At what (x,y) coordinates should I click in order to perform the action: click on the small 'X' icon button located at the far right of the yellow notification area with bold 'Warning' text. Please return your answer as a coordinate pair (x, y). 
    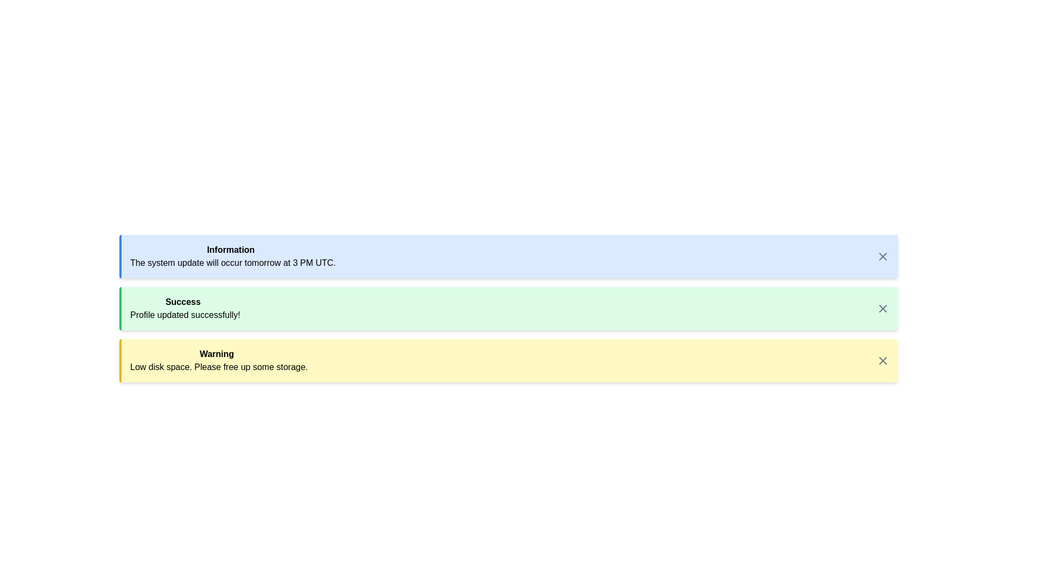
    Looking at the image, I should click on (883, 360).